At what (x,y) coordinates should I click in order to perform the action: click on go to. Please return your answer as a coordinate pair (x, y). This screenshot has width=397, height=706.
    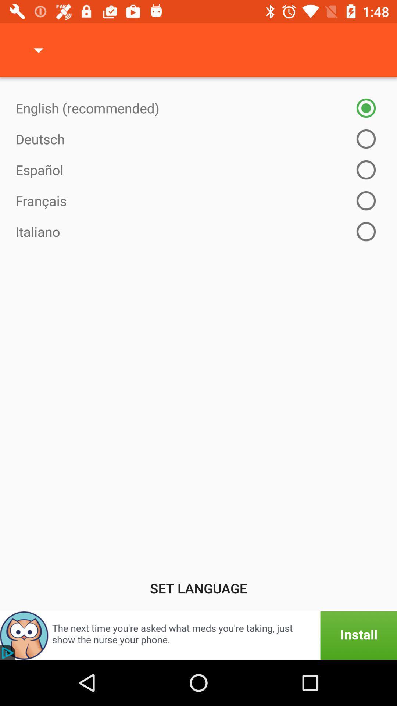
    Looking at the image, I should click on (198, 635).